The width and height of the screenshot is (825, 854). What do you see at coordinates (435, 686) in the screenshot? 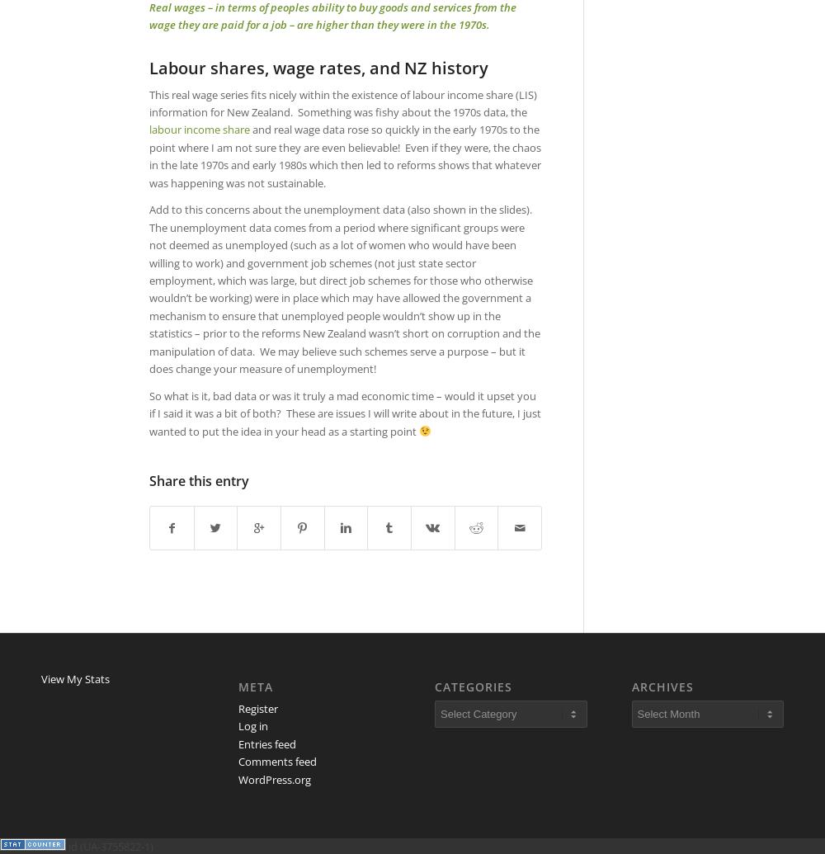
I see `'Categories'` at bounding box center [435, 686].